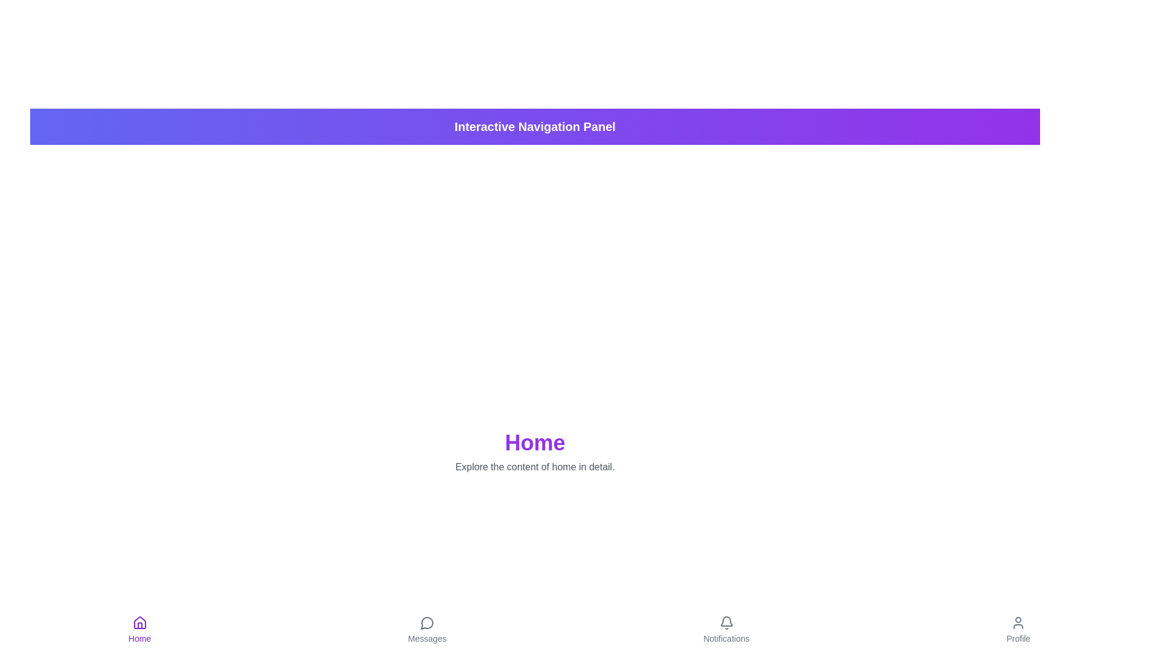 The width and height of the screenshot is (1159, 652). I want to click on the Profile tab to navigate to the corresponding view, so click(1018, 630).